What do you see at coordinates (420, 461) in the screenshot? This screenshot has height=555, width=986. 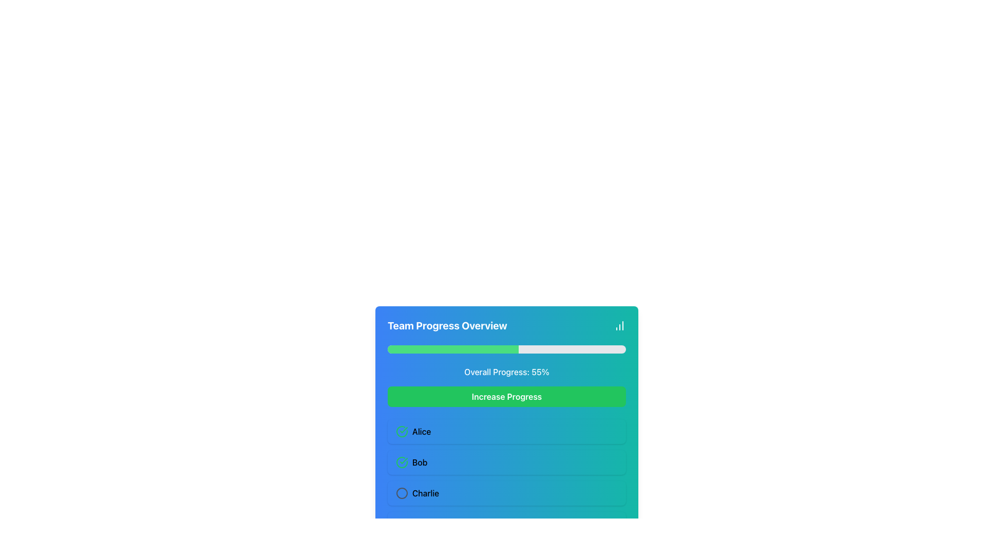 I see `text displayed in the text label containing the name 'Bob', which is located in the second list item of the vertical stack` at bounding box center [420, 461].